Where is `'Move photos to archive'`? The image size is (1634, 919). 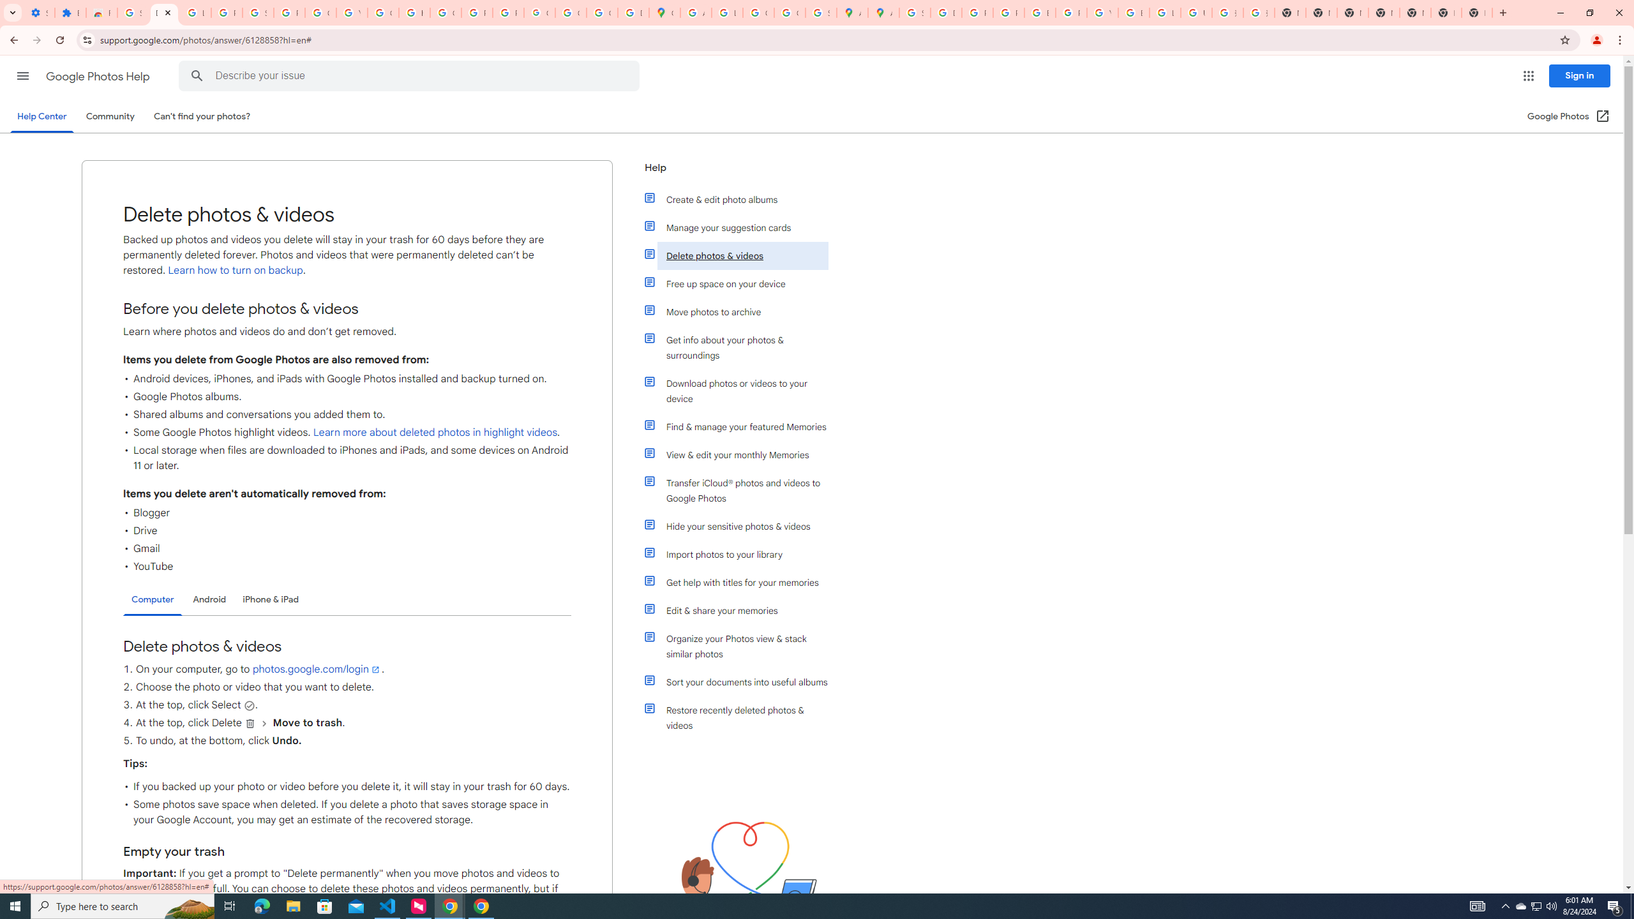
'Move photos to archive' is located at coordinates (742, 311).